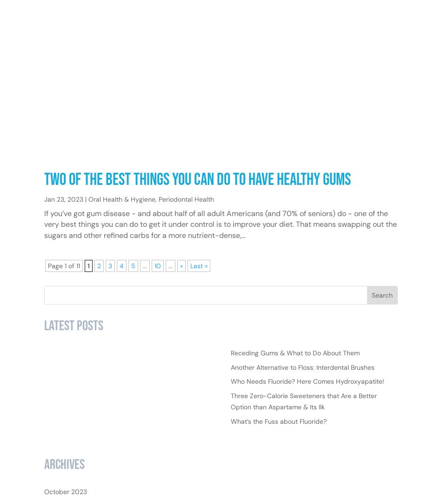 Image resolution: width=442 pixels, height=502 pixels. Describe the element at coordinates (88, 295) in the screenshot. I see `'1'` at that location.